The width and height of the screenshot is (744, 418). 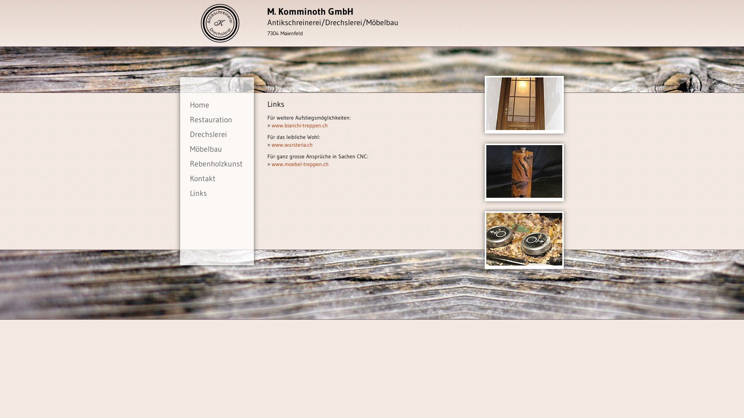 I want to click on 'www.wursteria.ch', so click(x=291, y=145).